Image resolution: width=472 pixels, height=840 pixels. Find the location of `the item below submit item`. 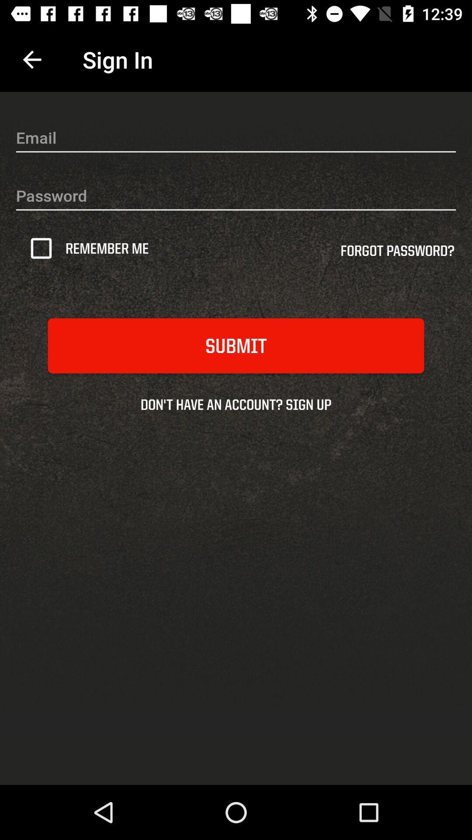

the item below submit item is located at coordinates (236, 404).